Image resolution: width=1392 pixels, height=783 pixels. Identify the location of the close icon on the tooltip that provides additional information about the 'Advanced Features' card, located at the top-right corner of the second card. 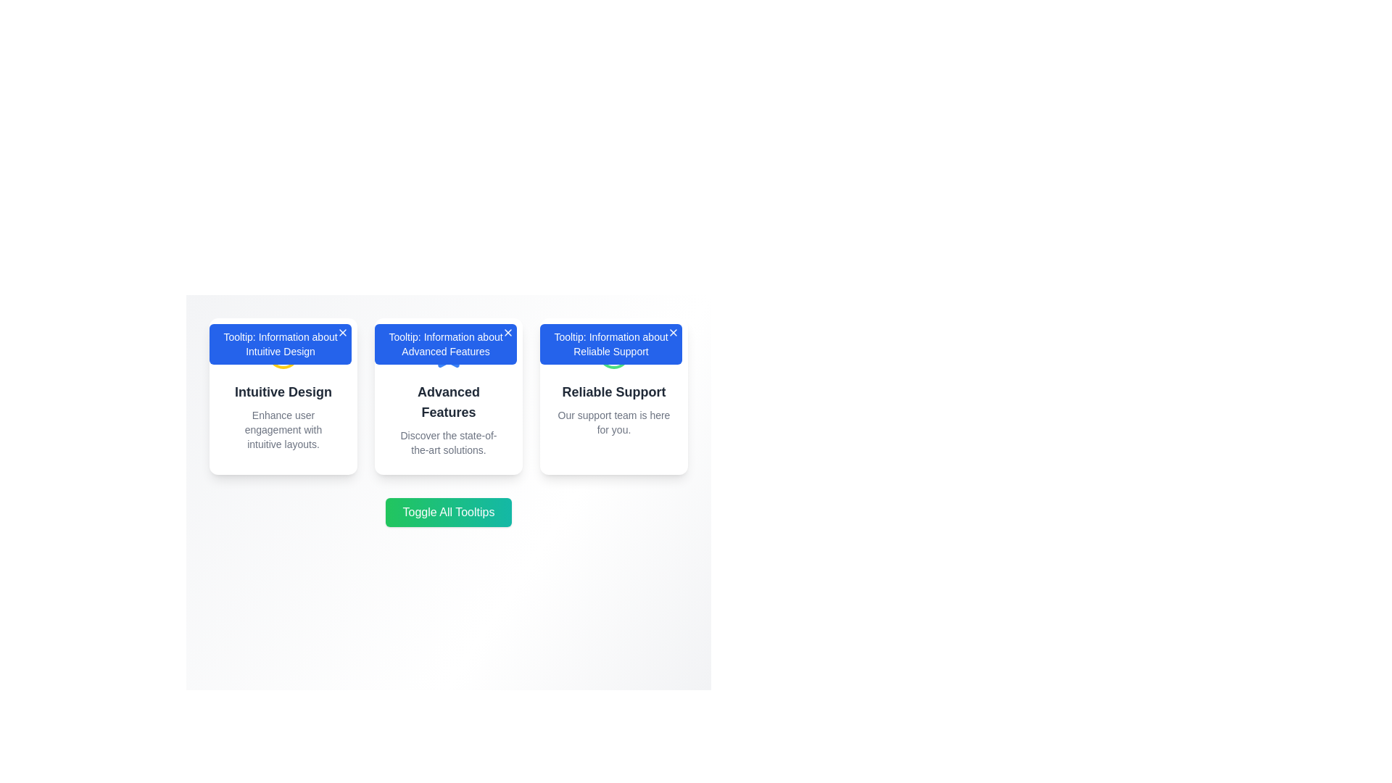
(444, 344).